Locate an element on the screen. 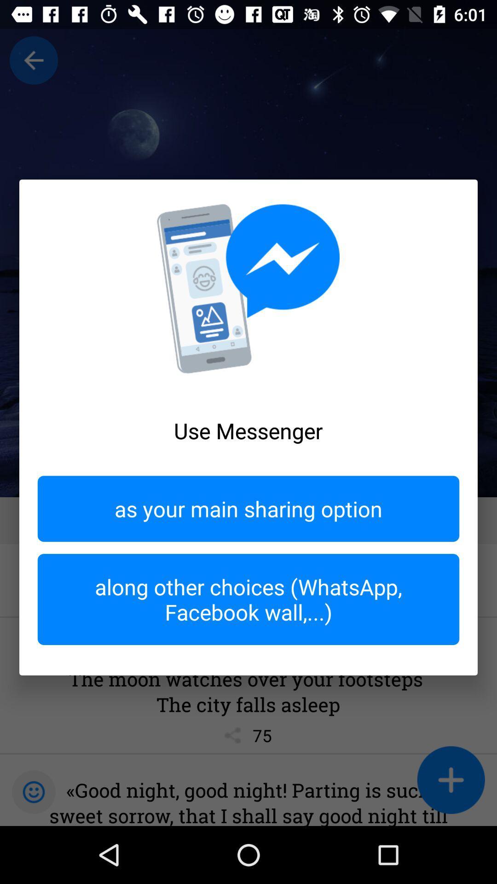 This screenshot has height=884, width=497. icon below use messenger item is located at coordinates (248, 508).